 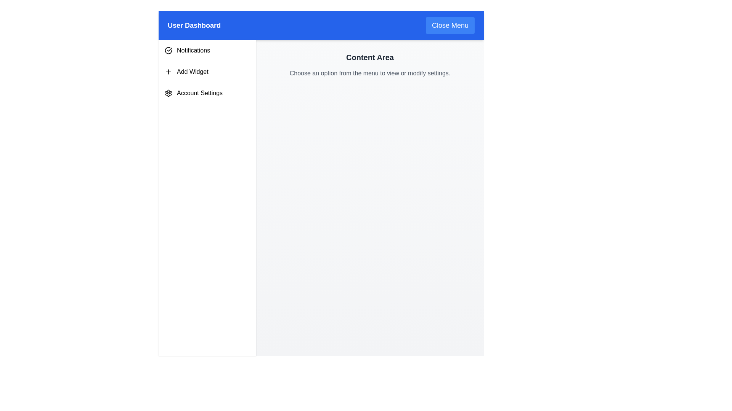 What do you see at coordinates (207, 50) in the screenshot?
I see `the 'Notifications' menu item, which is the first item in the vertical stack of the navigation menu with a white background and a checkmark icon` at bounding box center [207, 50].